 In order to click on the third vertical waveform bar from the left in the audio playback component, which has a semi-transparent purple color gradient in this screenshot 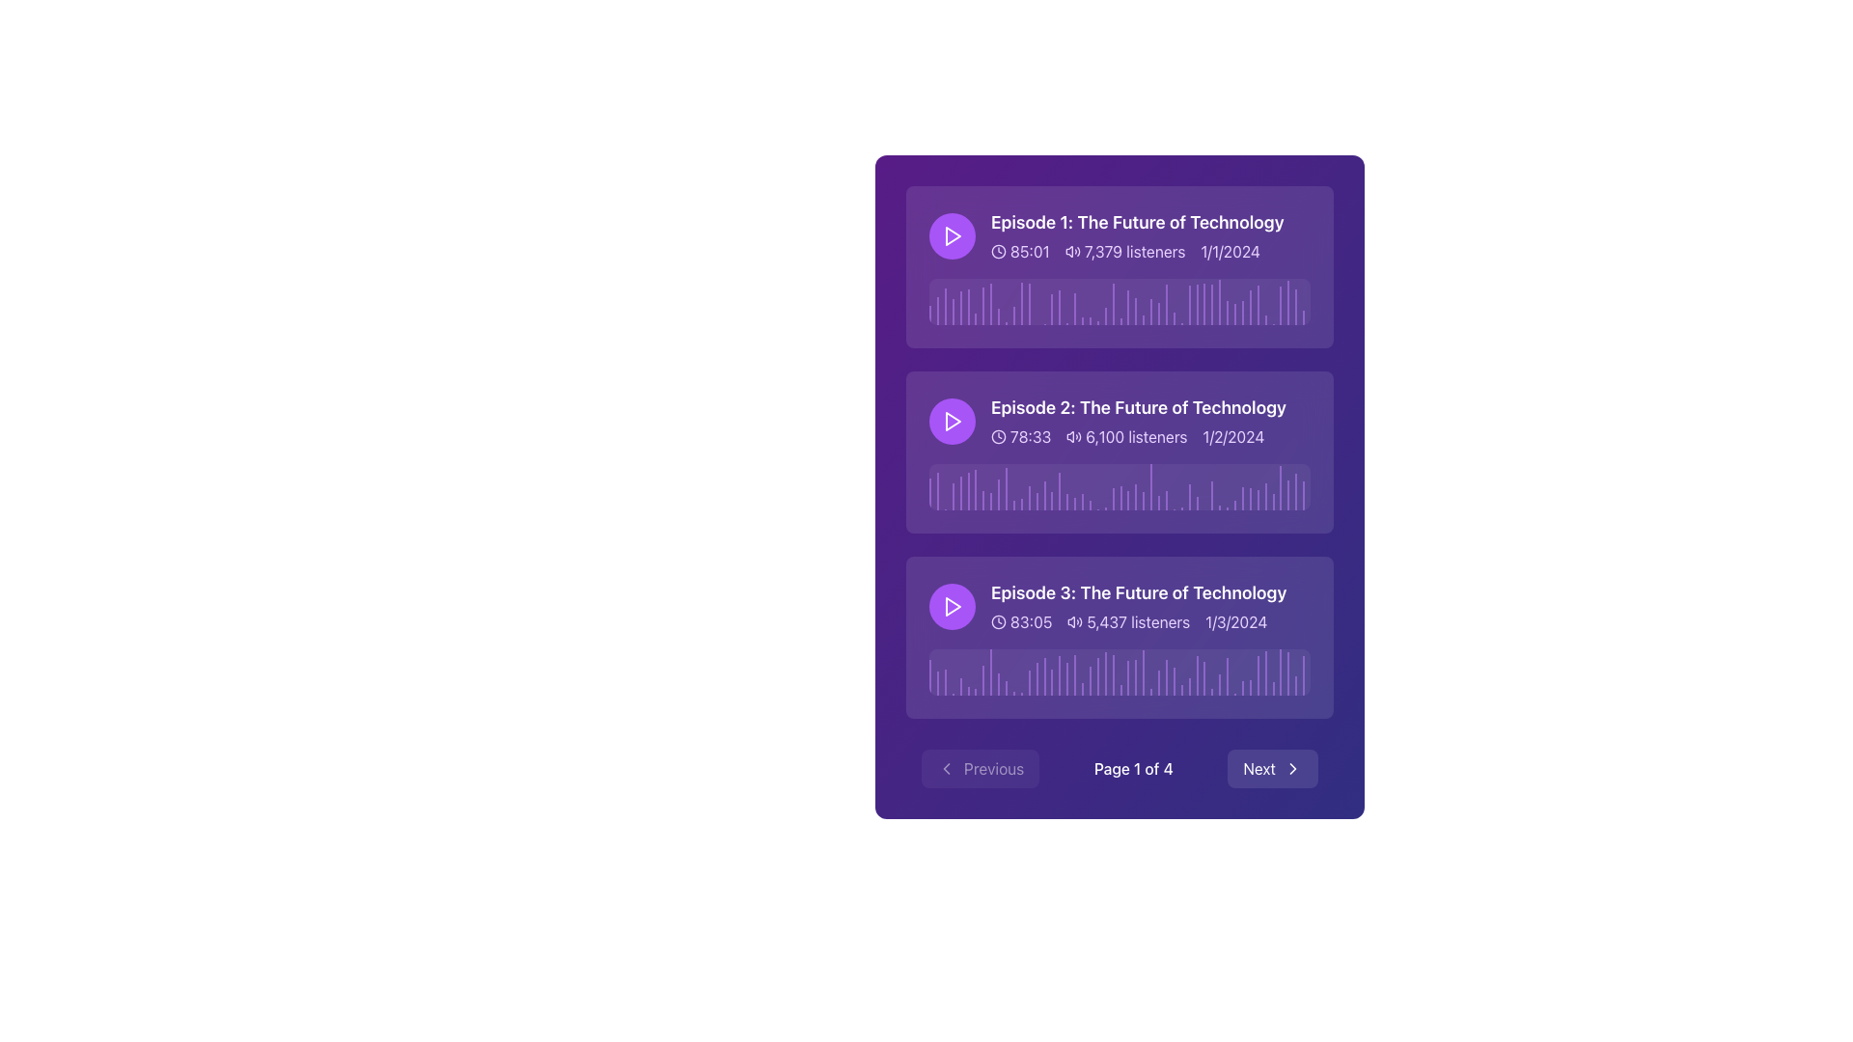, I will do `click(945, 306)`.